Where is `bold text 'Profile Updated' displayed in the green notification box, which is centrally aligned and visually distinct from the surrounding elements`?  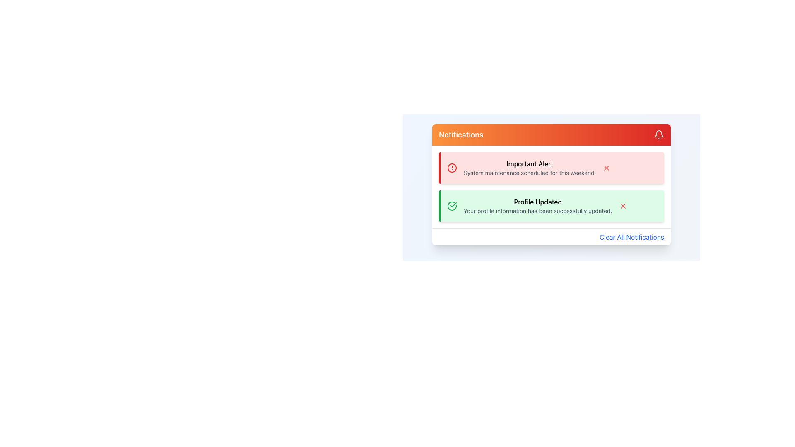
bold text 'Profile Updated' displayed in the green notification box, which is centrally aligned and visually distinct from the surrounding elements is located at coordinates (538, 202).